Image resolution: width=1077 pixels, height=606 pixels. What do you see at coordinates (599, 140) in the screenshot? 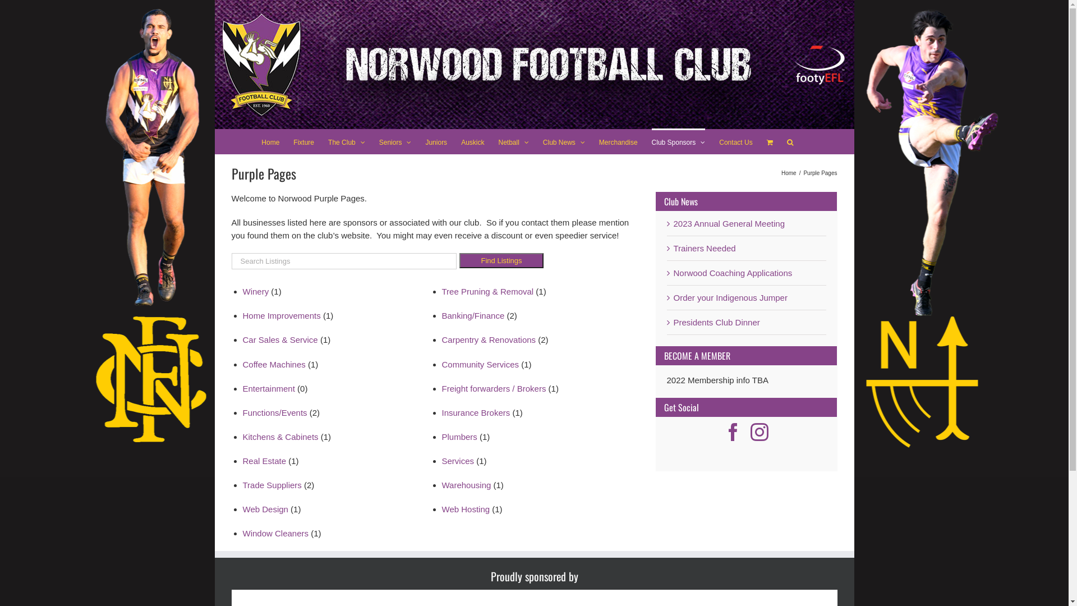
I see `'Merchandise'` at bounding box center [599, 140].